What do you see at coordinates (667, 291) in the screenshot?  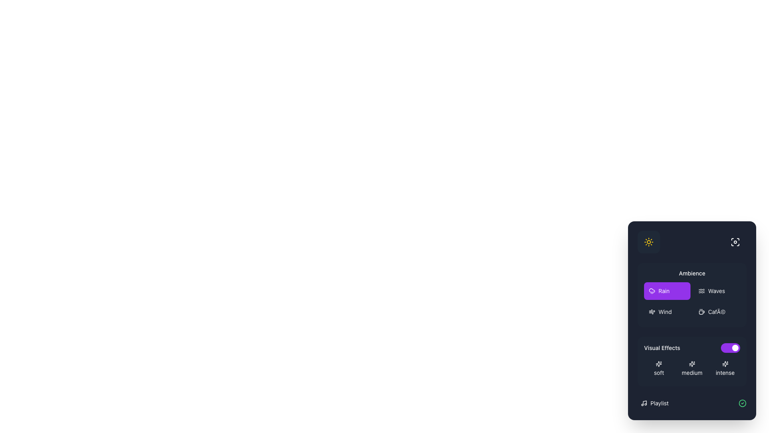 I see `the interactive 'Rain' ambiance button located in the top-left corner of the 'Ambience' grid` at bounding box center [667, 291].